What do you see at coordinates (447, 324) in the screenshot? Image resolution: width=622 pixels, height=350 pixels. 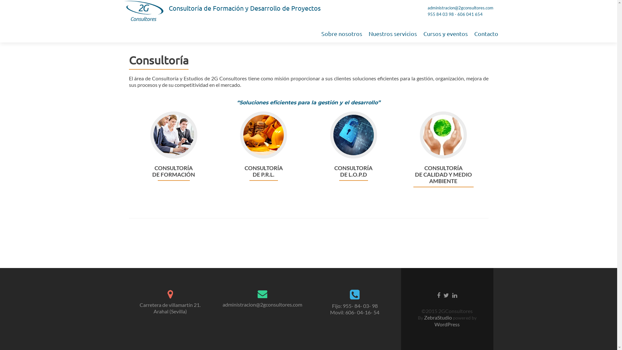 I see `'WordPress'` at bounding box center [447, 324].